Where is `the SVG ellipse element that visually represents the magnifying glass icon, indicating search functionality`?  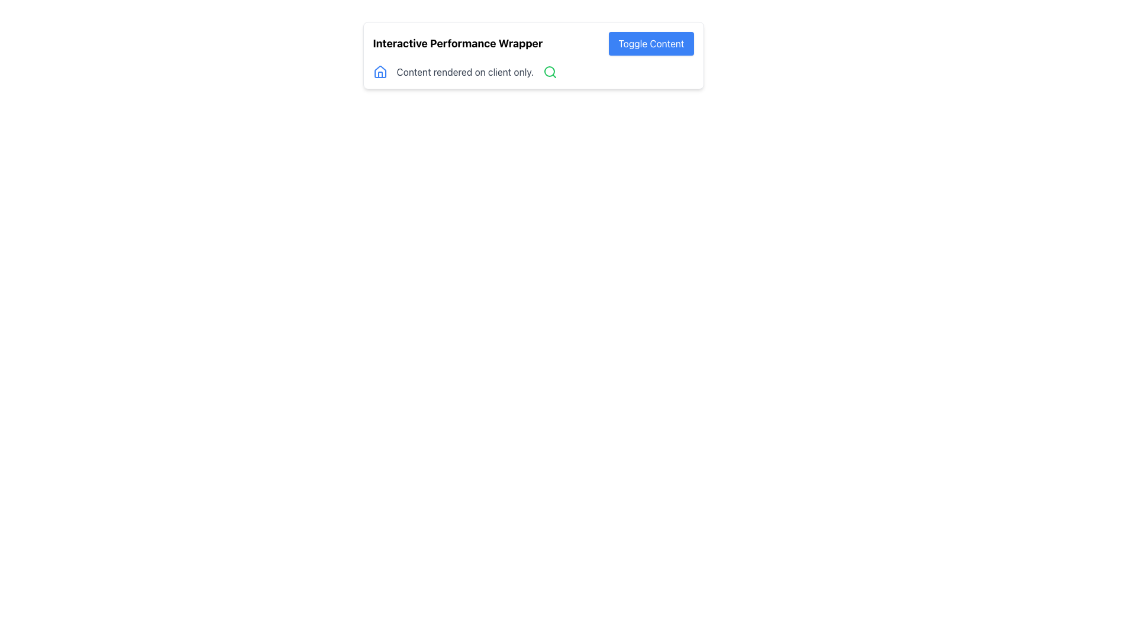
the SVG ellipse element that visually represents the magnifying glass icon, indicating search functionality is located at coordinates (549, 71).